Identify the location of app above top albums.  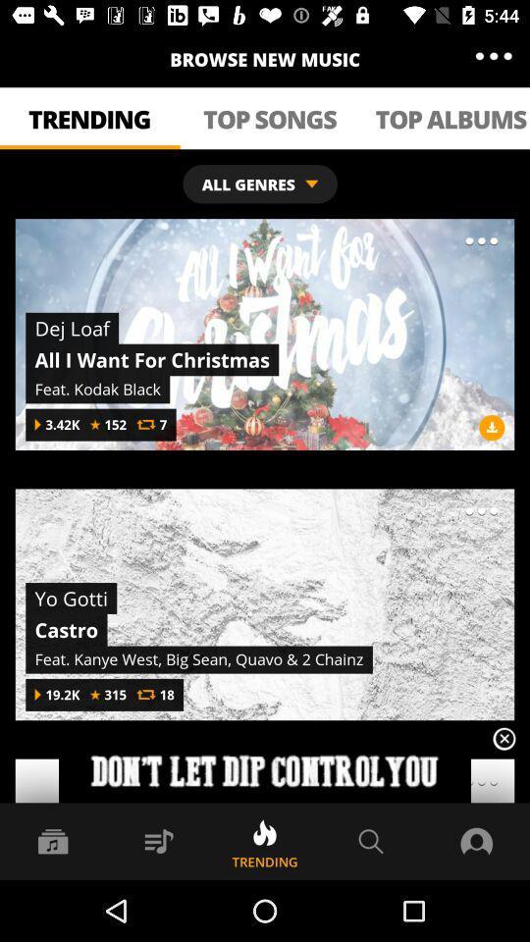
(493, 55).